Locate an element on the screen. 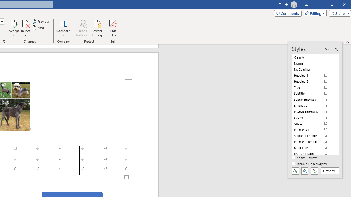 The width and height of the screenshot is (351, 197). 'Book Title' is located at coordinates (313, 148).